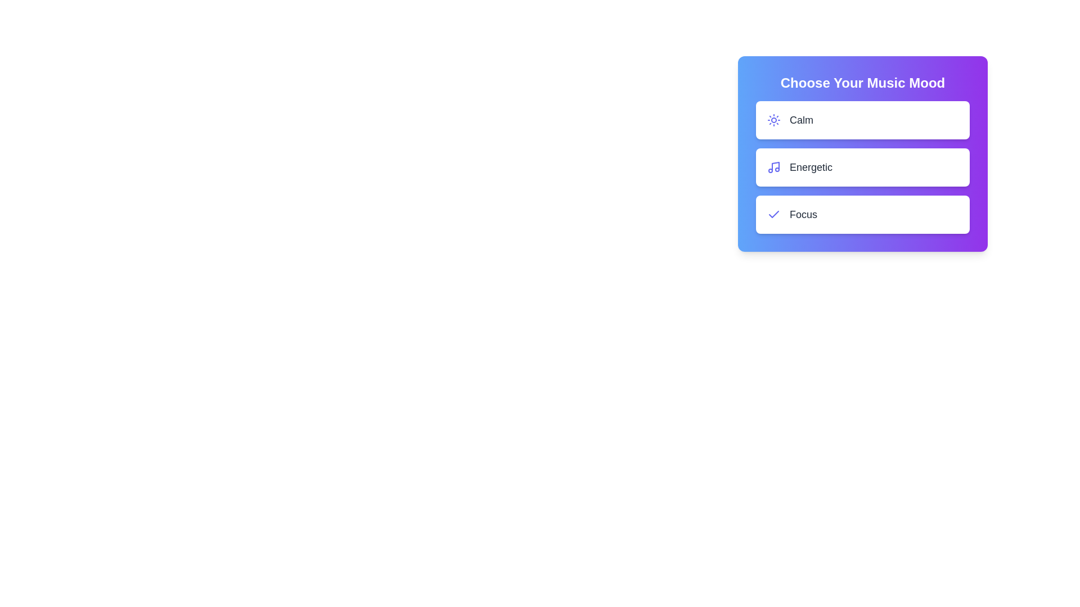  What do you see at coordinates (862, 167) in the screenshot?
I see `the 'Energetic' button, which is the second button in a vertical list of three buttons within a gradient-colored card titled 'Choose Your Music Mood'` at bounding box center [862, 167].